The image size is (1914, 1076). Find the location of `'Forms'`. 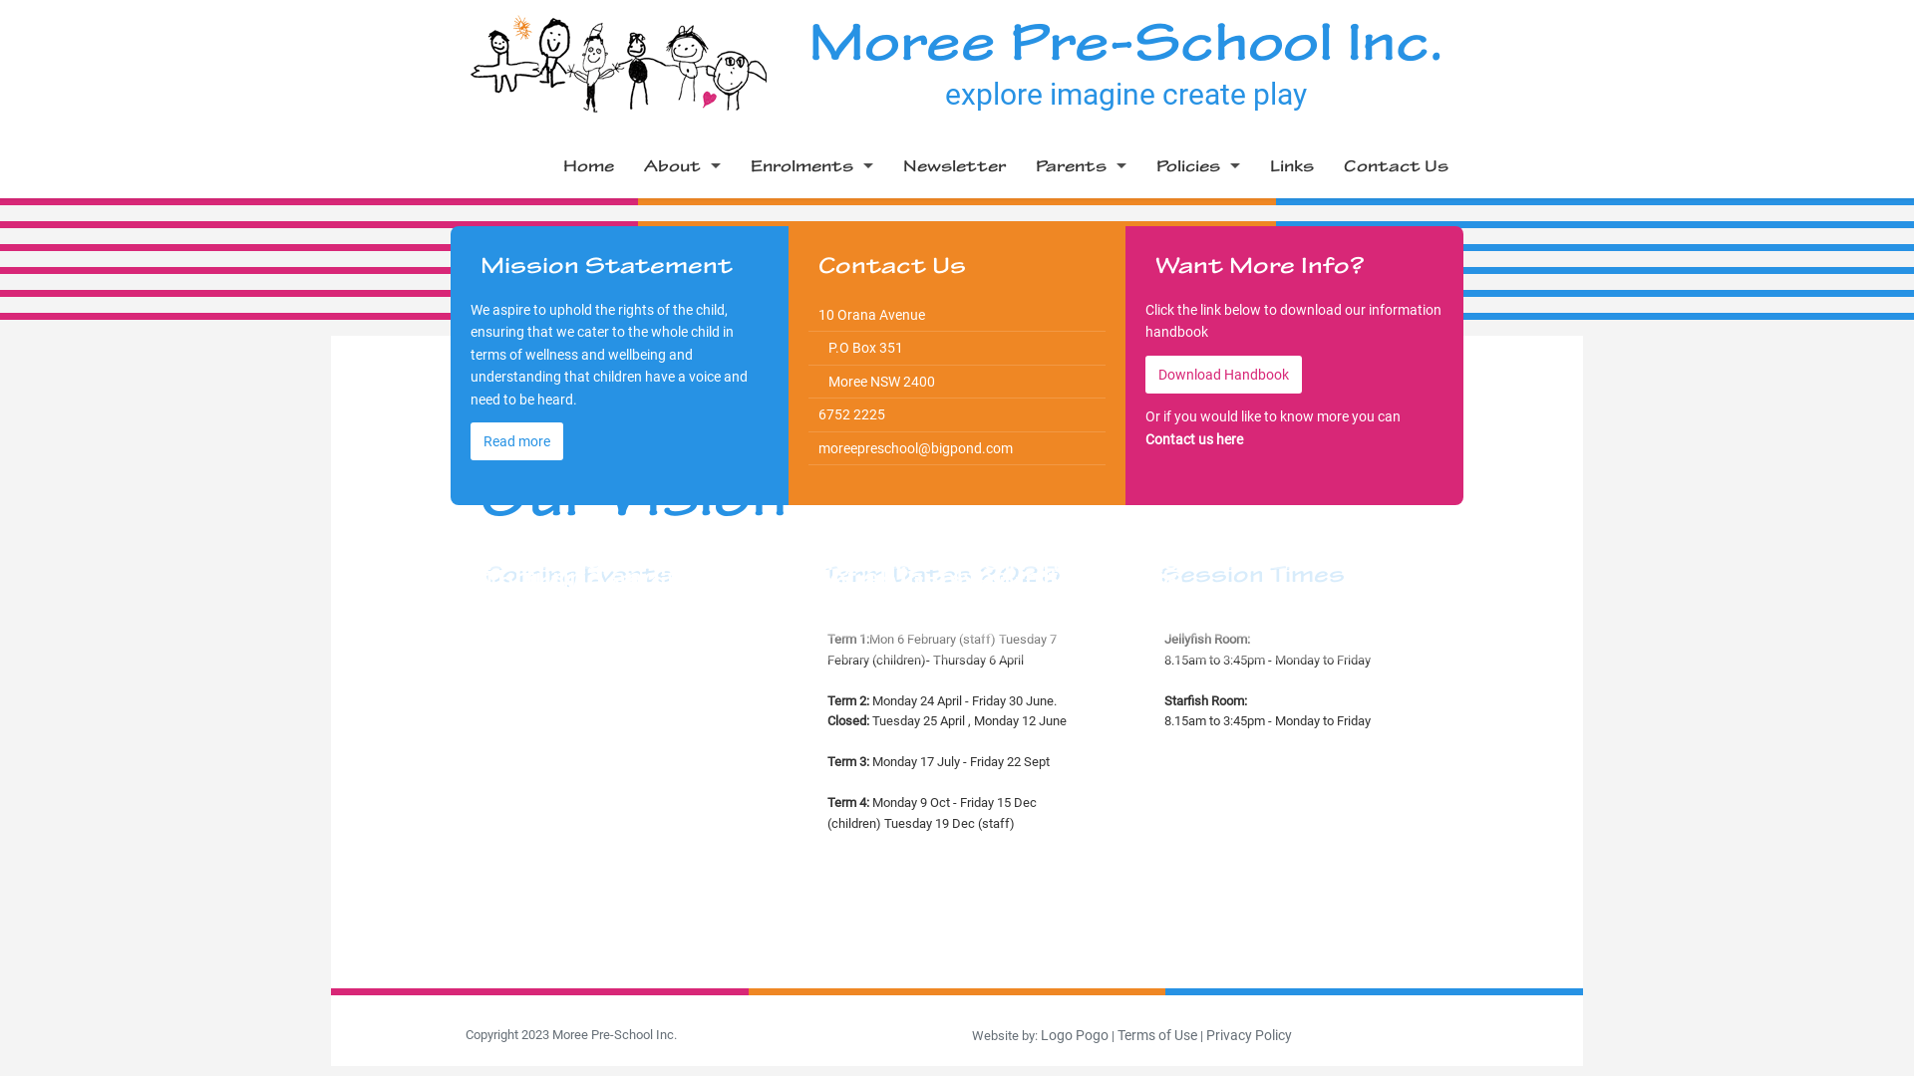

'Forms' is located at coordinates (811, 254).